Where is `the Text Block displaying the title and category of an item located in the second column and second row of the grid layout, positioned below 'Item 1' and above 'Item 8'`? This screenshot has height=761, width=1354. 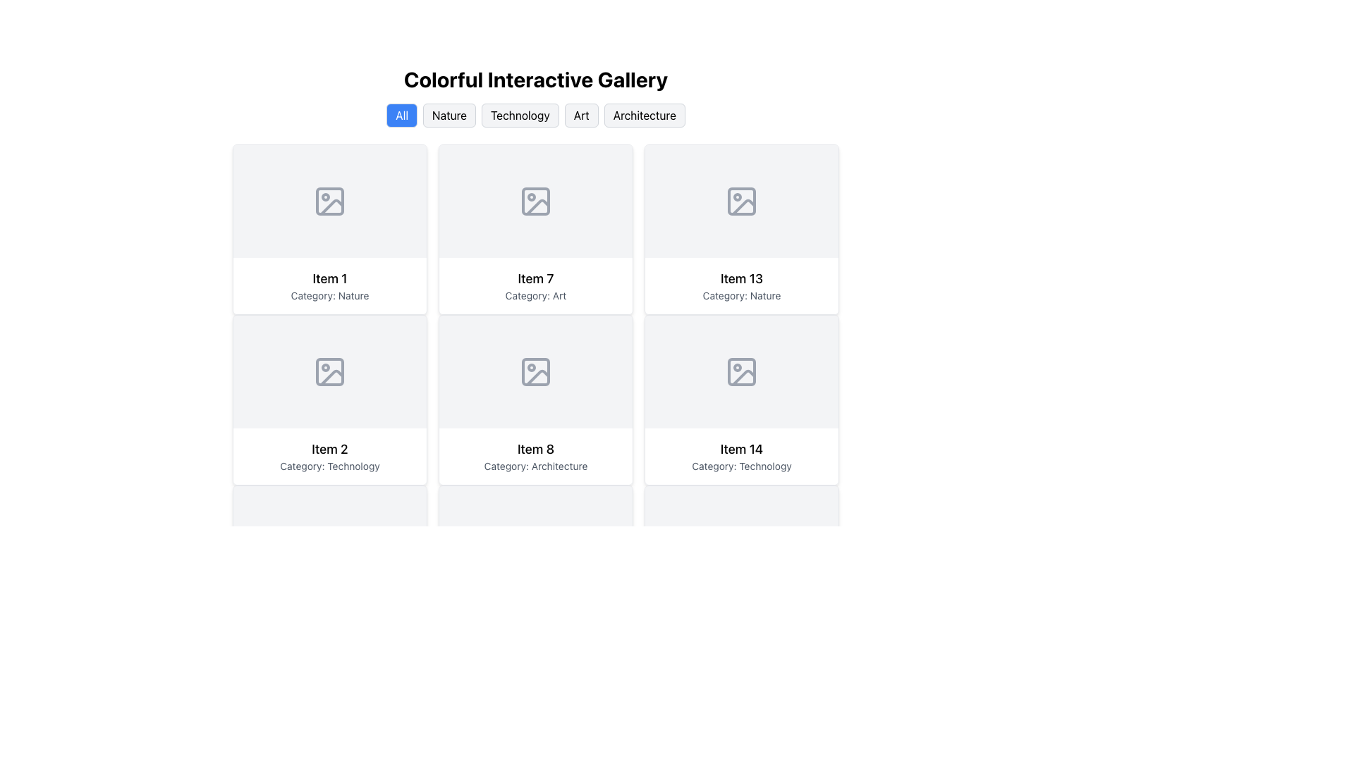
the Text Block displaying the title and category of an item located in the second column and second row of the grid layout, positioned below 'Item 1' and above 'Item 8' is located at coordinates (329, 457).